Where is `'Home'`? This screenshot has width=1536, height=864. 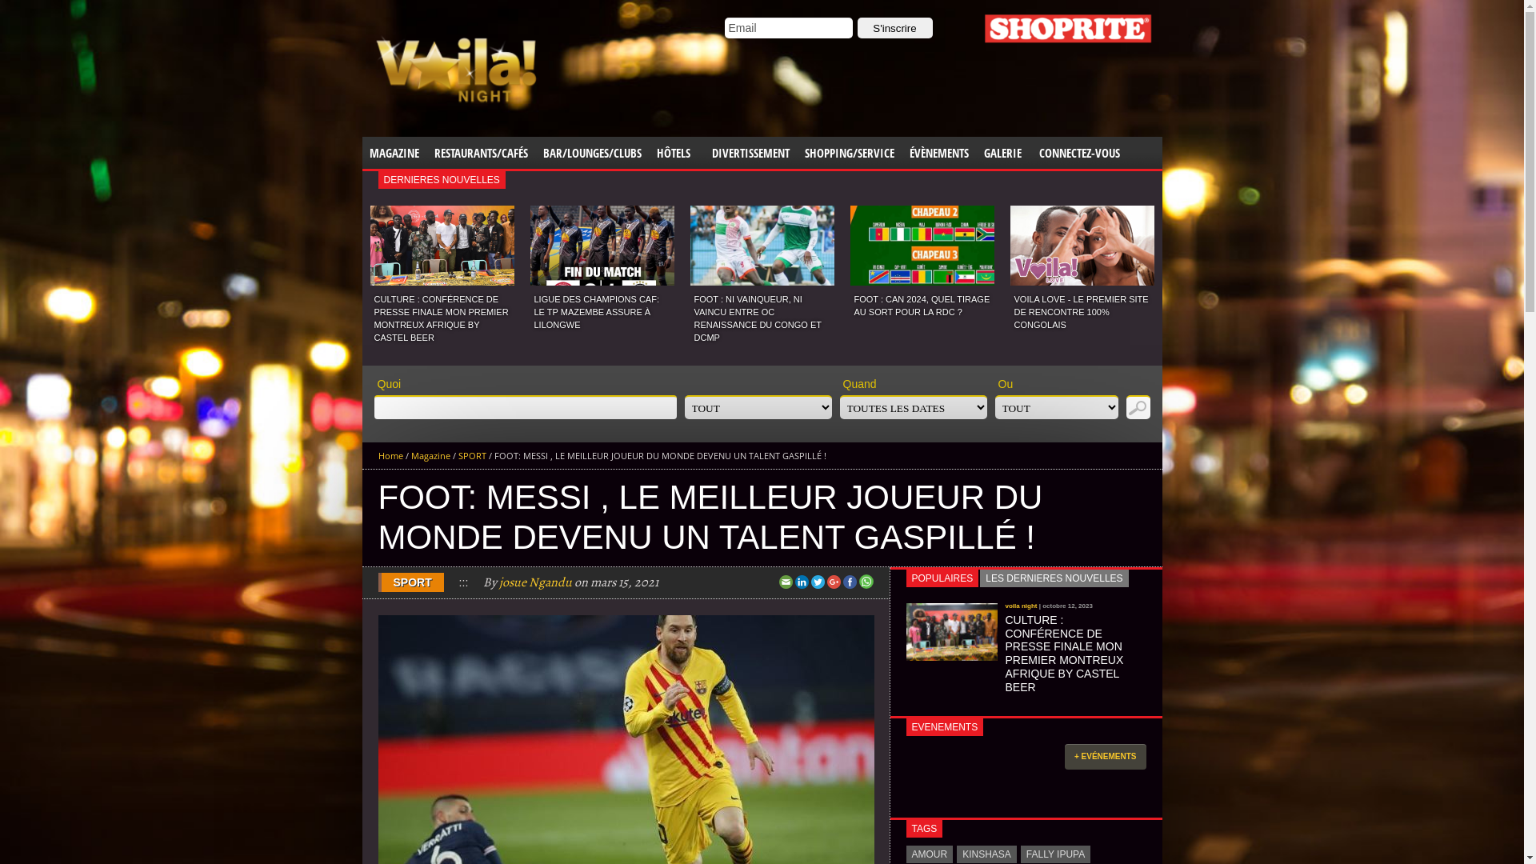
'Home' is located at coordinates (376, 455).